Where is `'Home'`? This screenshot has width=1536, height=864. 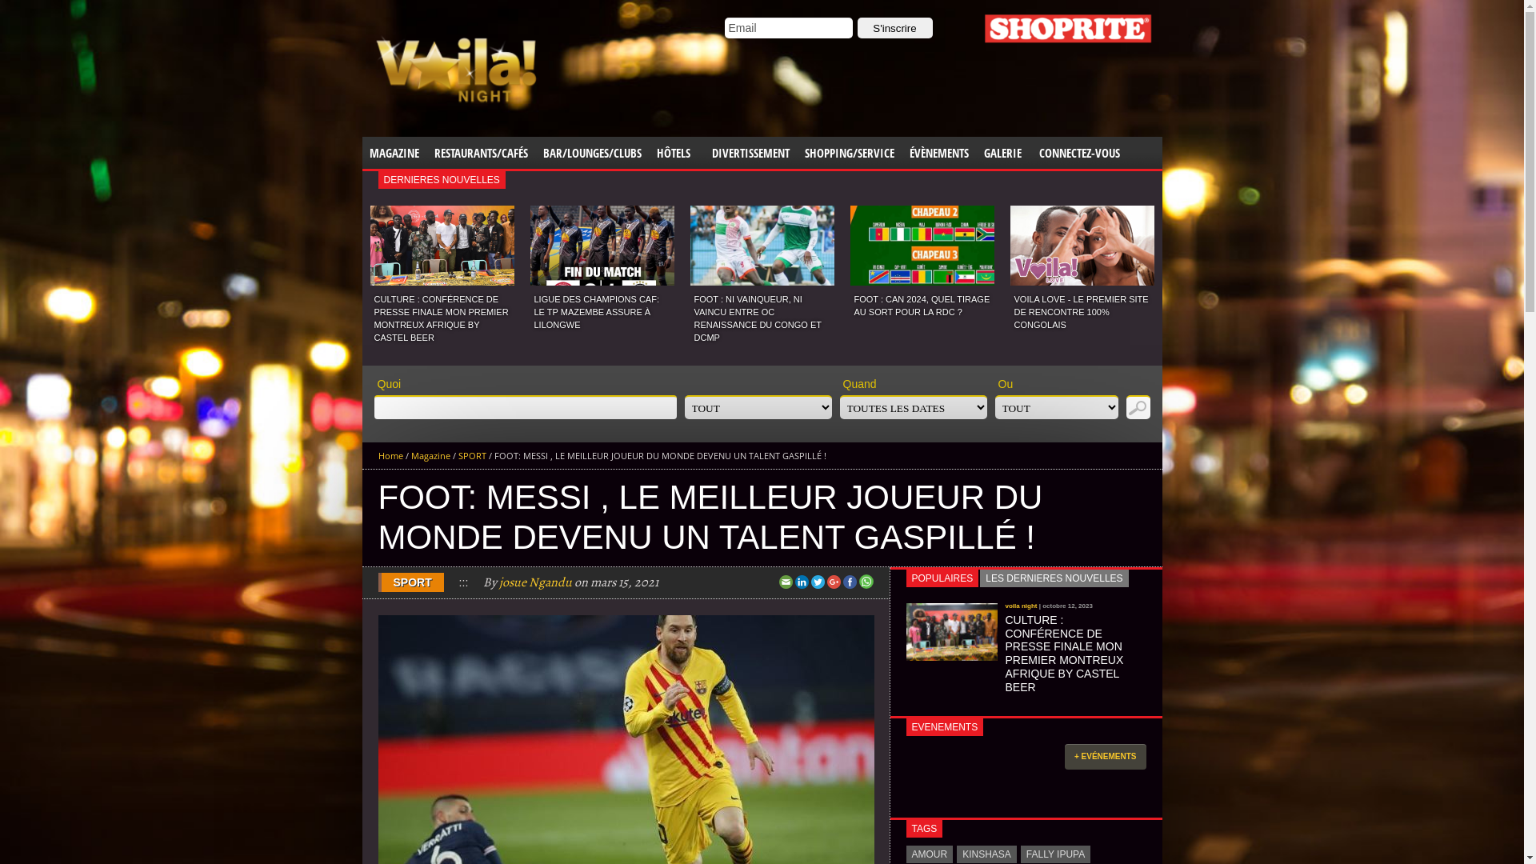
'Home' is located at coordinates (376, 455).